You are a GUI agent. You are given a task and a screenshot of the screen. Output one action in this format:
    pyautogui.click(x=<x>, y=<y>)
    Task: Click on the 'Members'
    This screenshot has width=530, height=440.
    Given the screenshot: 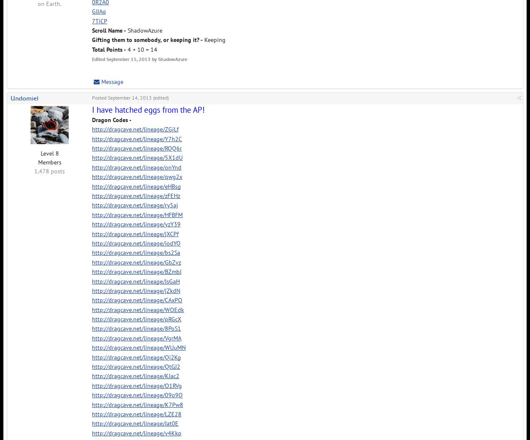 What is the action you would take?
    pyautogui.click(x=49, y=162)
    